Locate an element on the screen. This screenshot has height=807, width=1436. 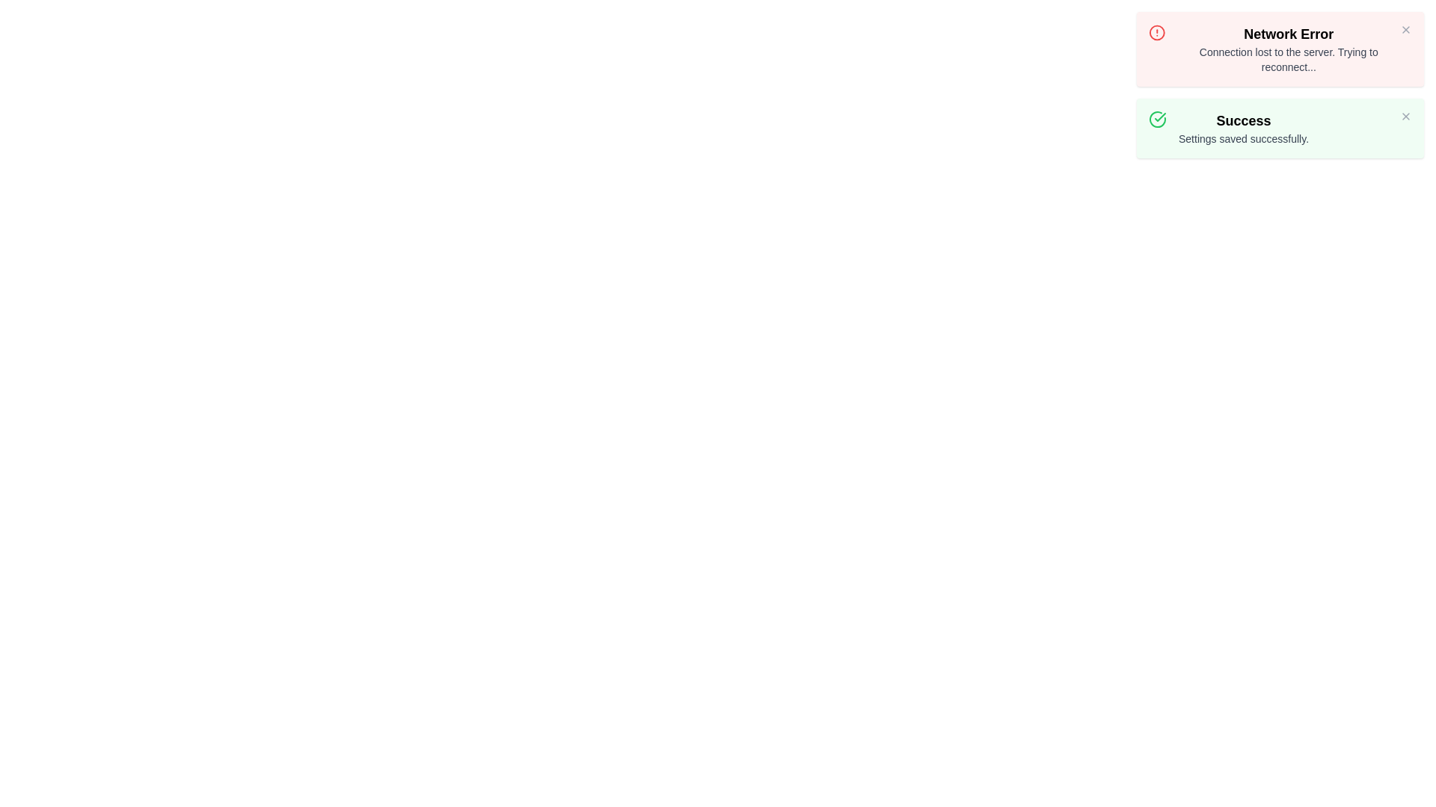
message from the Notification Banner that alerts the user about a network disconnection issue and the system's attempt to reconnect is located at coordinates (1280, 48).